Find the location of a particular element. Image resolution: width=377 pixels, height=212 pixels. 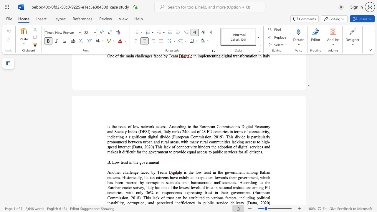

the subset text "and rural areas," within the text "a significant digital divide (European Commission, 2019). This divide is particularly pronounced between urban and rural areas, with many rural communities lacking access to high-speed internet (Datta, 2020) This" is located at coordinates (154, 142).